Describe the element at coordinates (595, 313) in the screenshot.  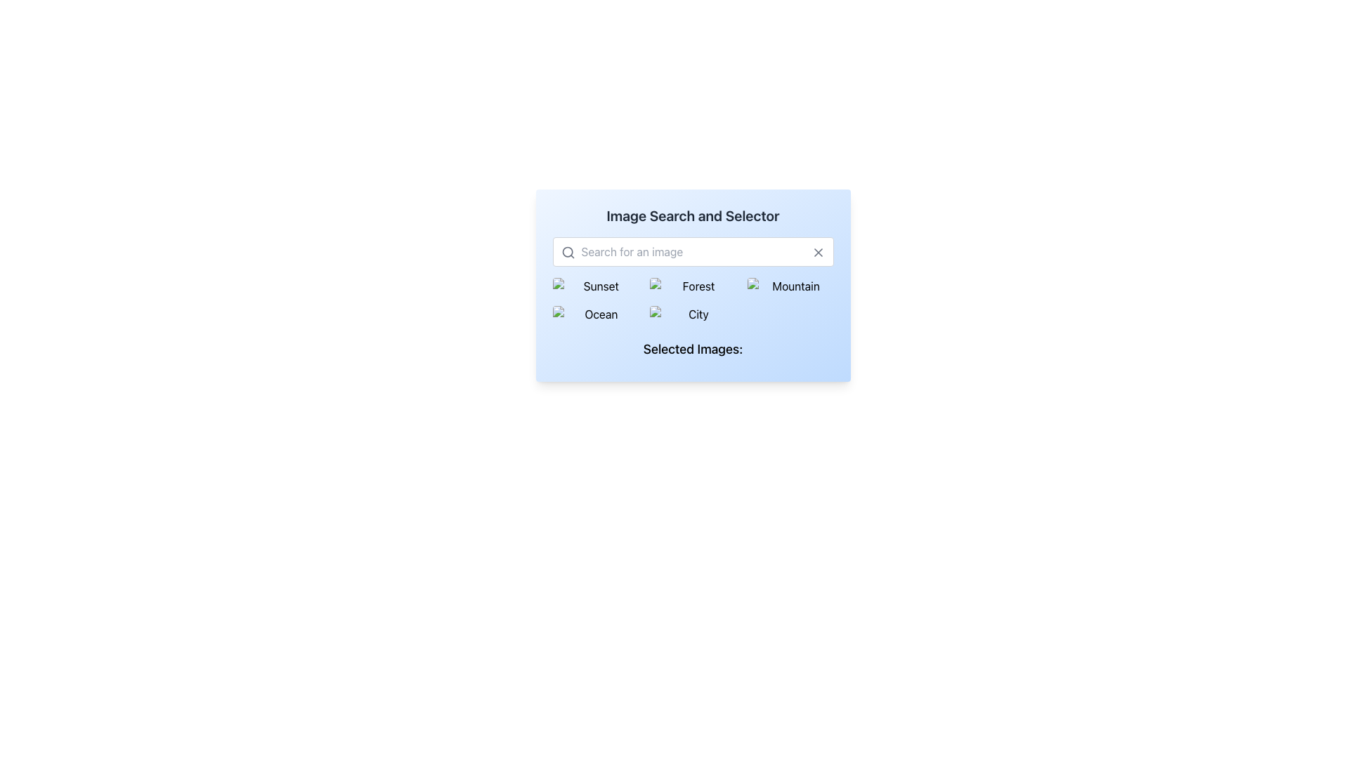
I see `the button that selects the 'Ocean' image` at that location.